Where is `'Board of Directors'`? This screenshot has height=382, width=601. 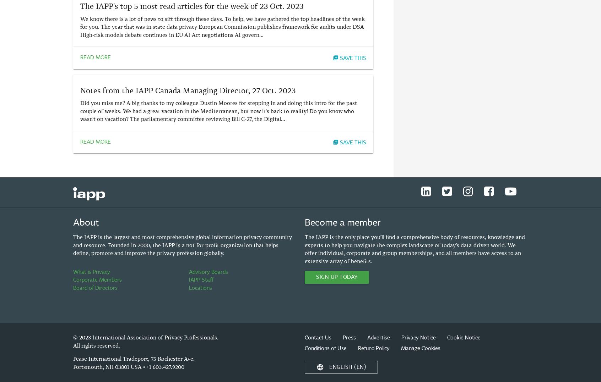 'Board of Directors' is located at coordinates (95, 288).